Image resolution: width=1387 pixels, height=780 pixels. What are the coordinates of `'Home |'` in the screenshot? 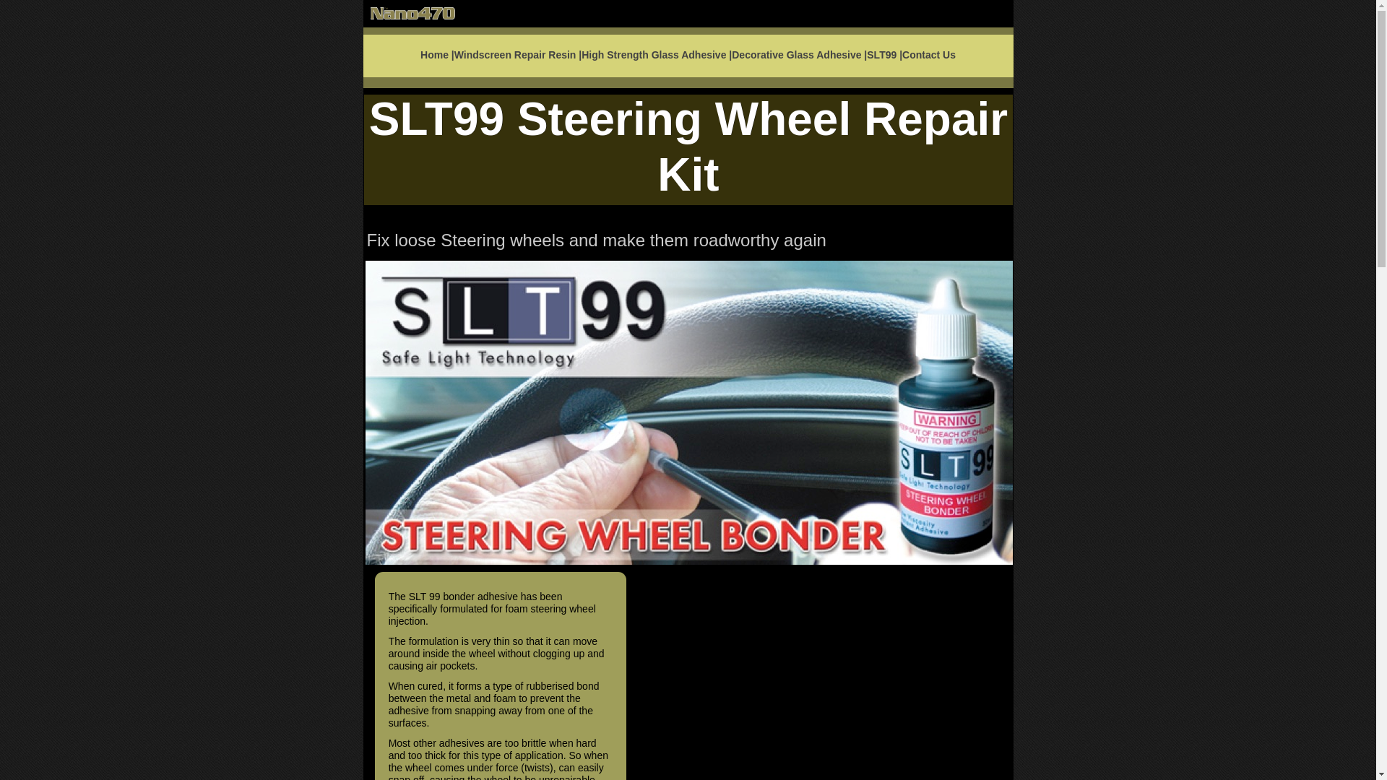 It's located at (436, 54).